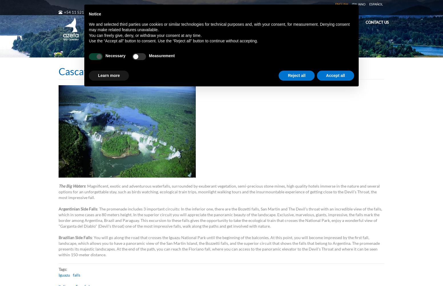 The height and width of the screenshot is (286, 443). Describe the element at coordinates (296, 75) in the screenshot. I see `'Reject all'` at that location.